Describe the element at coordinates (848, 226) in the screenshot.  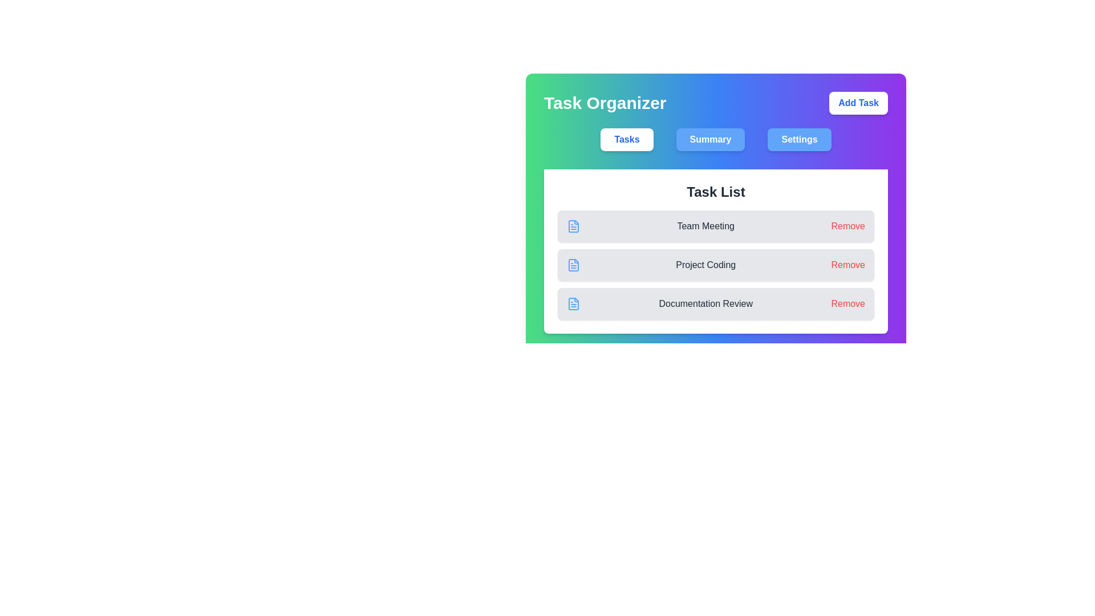
I see `the button-like textual label on the right side of the 'Team Meeting' task to initiate the removal of this task from the list` at that location.